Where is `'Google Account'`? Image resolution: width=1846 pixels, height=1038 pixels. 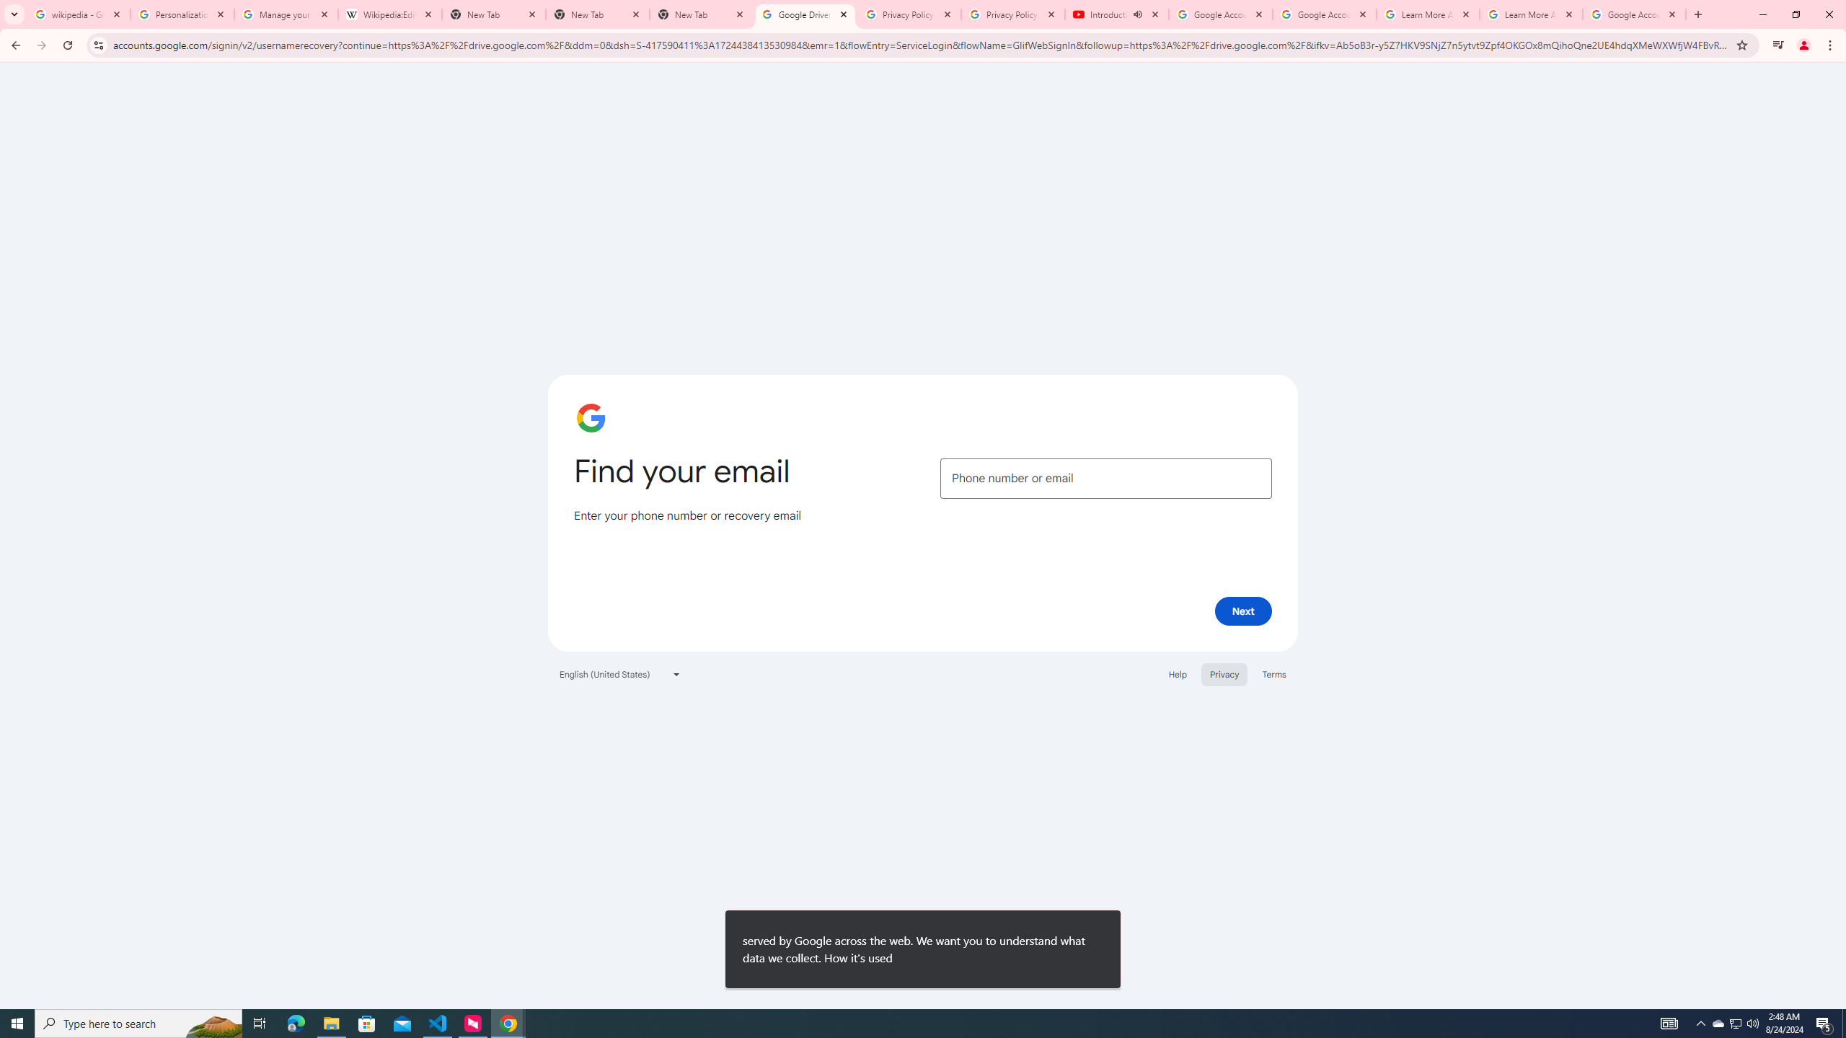 'Google Account' is located at coordinates (1634, 14).